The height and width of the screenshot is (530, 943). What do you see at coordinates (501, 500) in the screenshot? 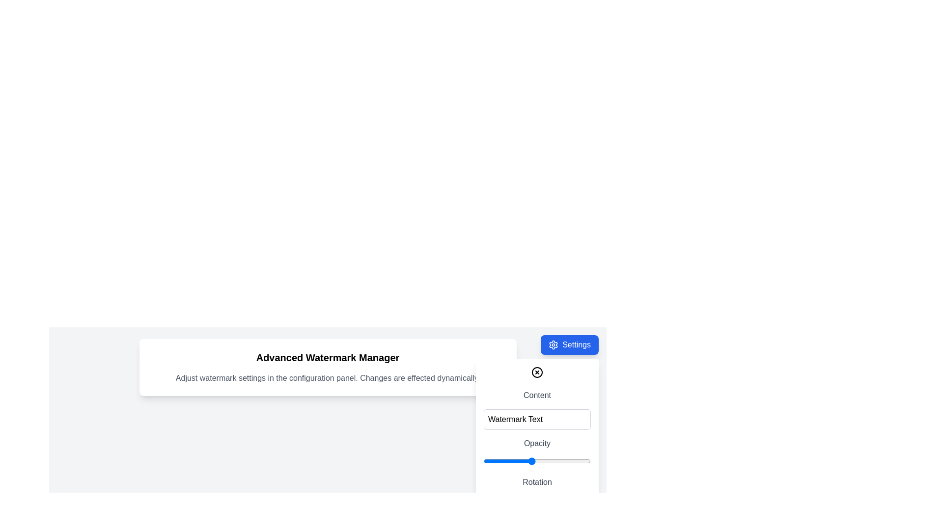
I see `rotation angle` at bounding box center [501, 500].